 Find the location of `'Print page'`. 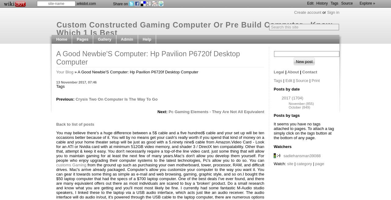

'Print page' is located at coordinates (130, 57).